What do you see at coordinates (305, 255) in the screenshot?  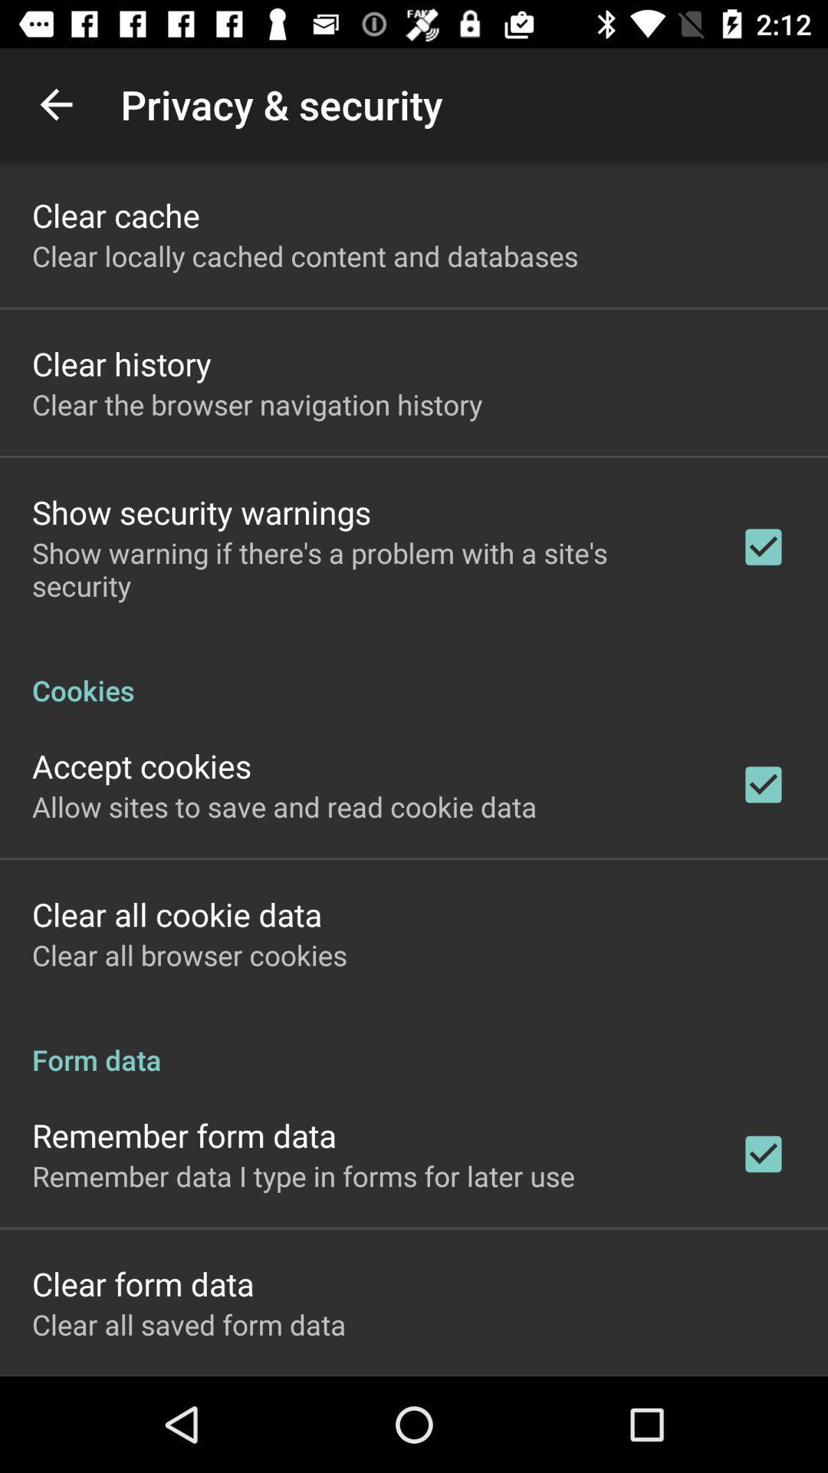 I see `the clear locally cached item` at bounding box center [305, 255].